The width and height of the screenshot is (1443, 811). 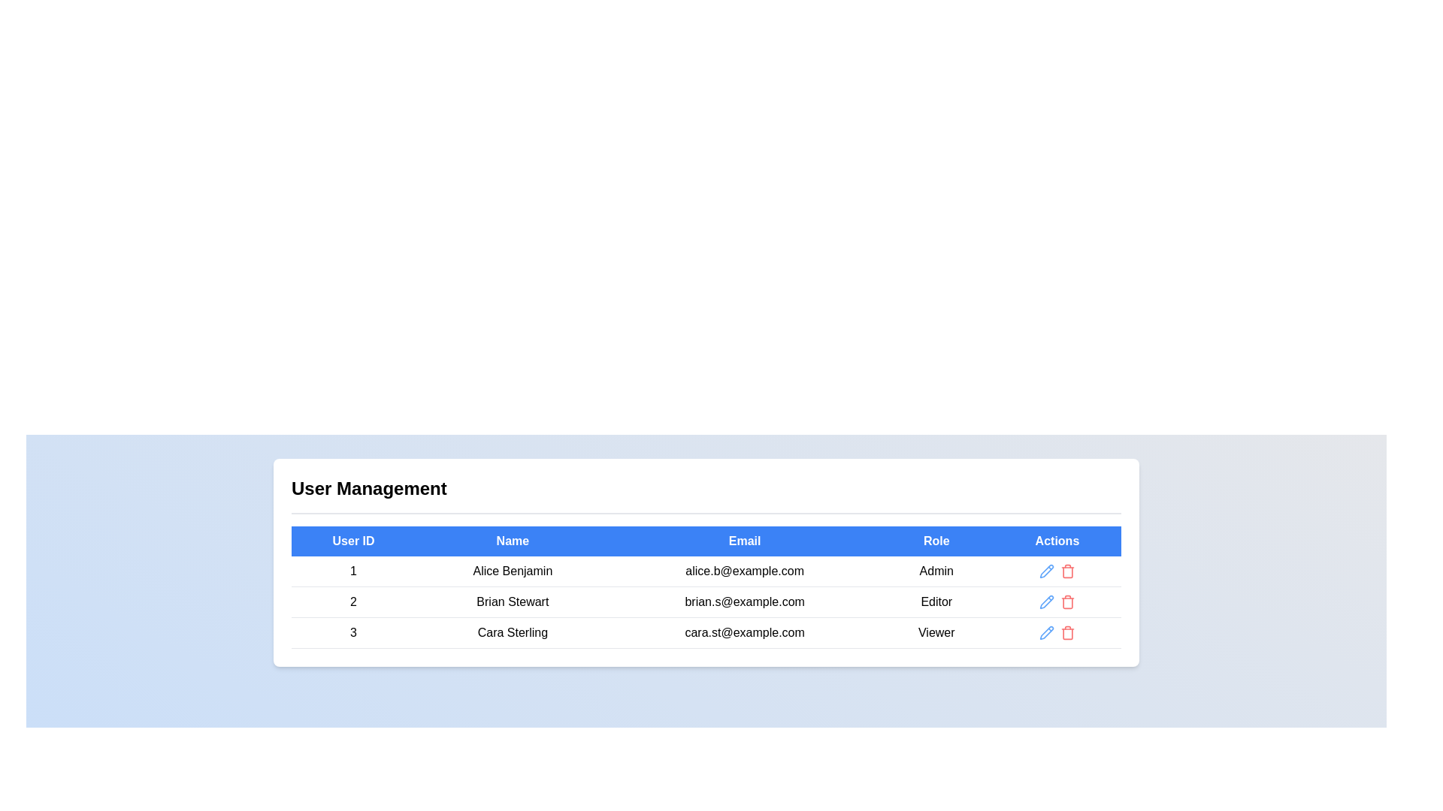 What do you see at coordinates (936, 541) in the screenshot?
I see `the blue table header cell labeled 'Role' which is the fourth cell in the header row of the user management table` at bounding box center [936, 541].